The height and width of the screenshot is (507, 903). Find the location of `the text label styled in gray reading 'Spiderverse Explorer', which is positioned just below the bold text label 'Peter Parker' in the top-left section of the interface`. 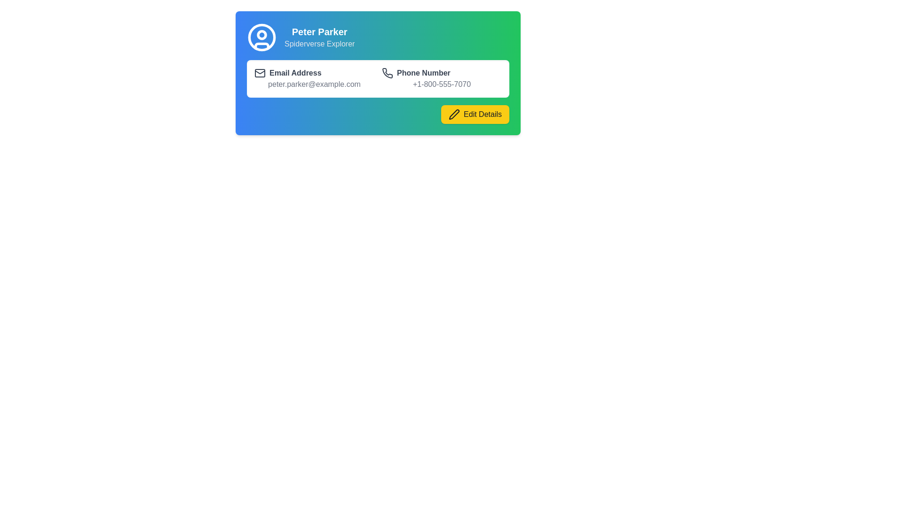

the text label styled in gray reading 'Spiderverse Explorer', which is positioned just below the bold text label 'Peter Parker' in the top-left section of the interface is located at coordinates (319, 44).